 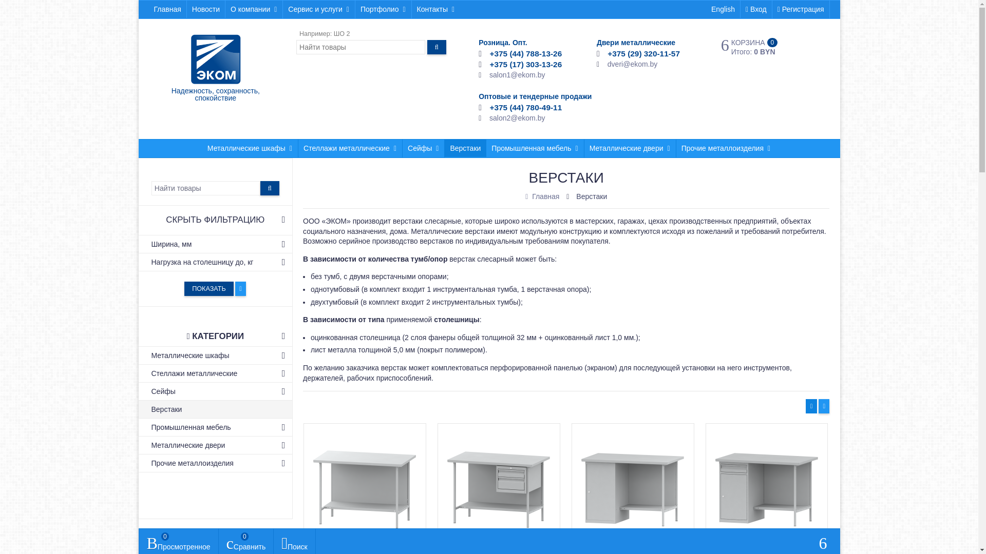 What do you see at coordinates (517, 74) in the screenshot?
I see `'salon1@ekom.by'` at bounding box center [517, 74].